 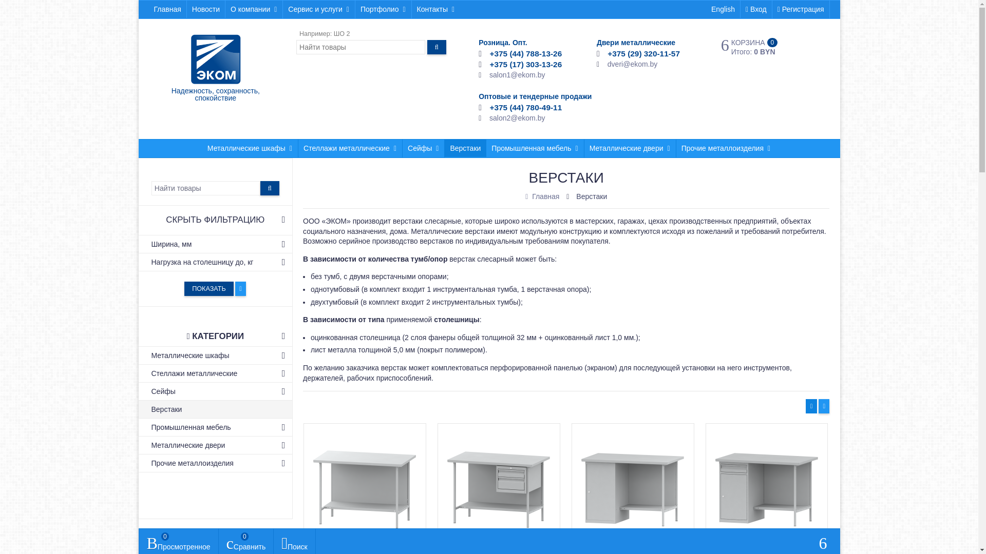 What do you see at coordinates (517, 74) in the screenshot?
I see `'salon1@ekom.by'` at bounding box center [517, 74].